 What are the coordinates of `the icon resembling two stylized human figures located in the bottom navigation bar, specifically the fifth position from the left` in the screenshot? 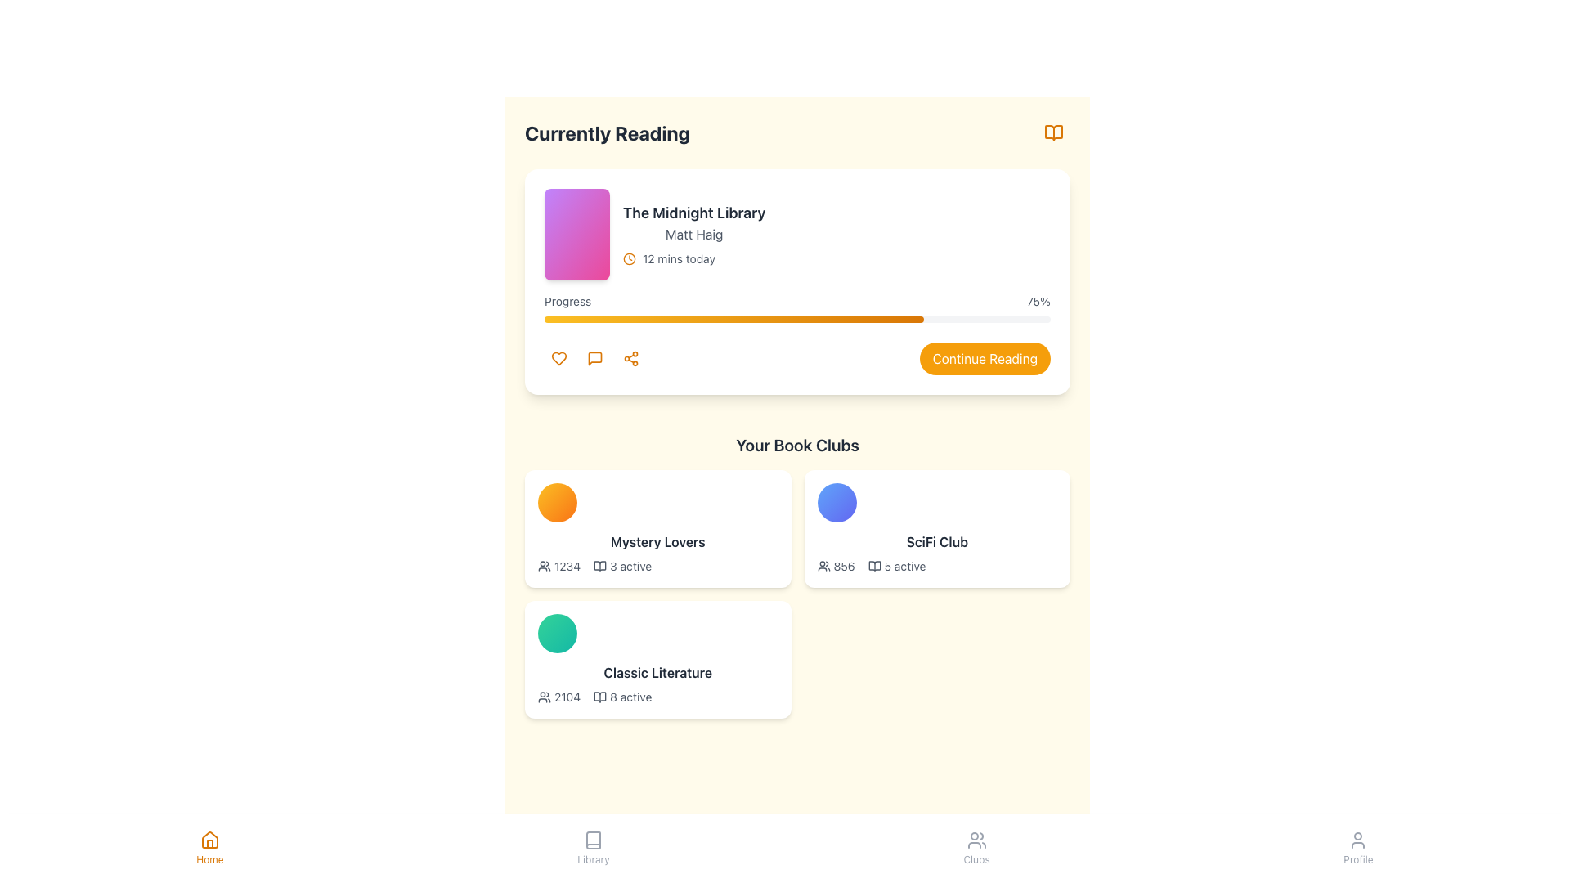 It's located at (976, 840).